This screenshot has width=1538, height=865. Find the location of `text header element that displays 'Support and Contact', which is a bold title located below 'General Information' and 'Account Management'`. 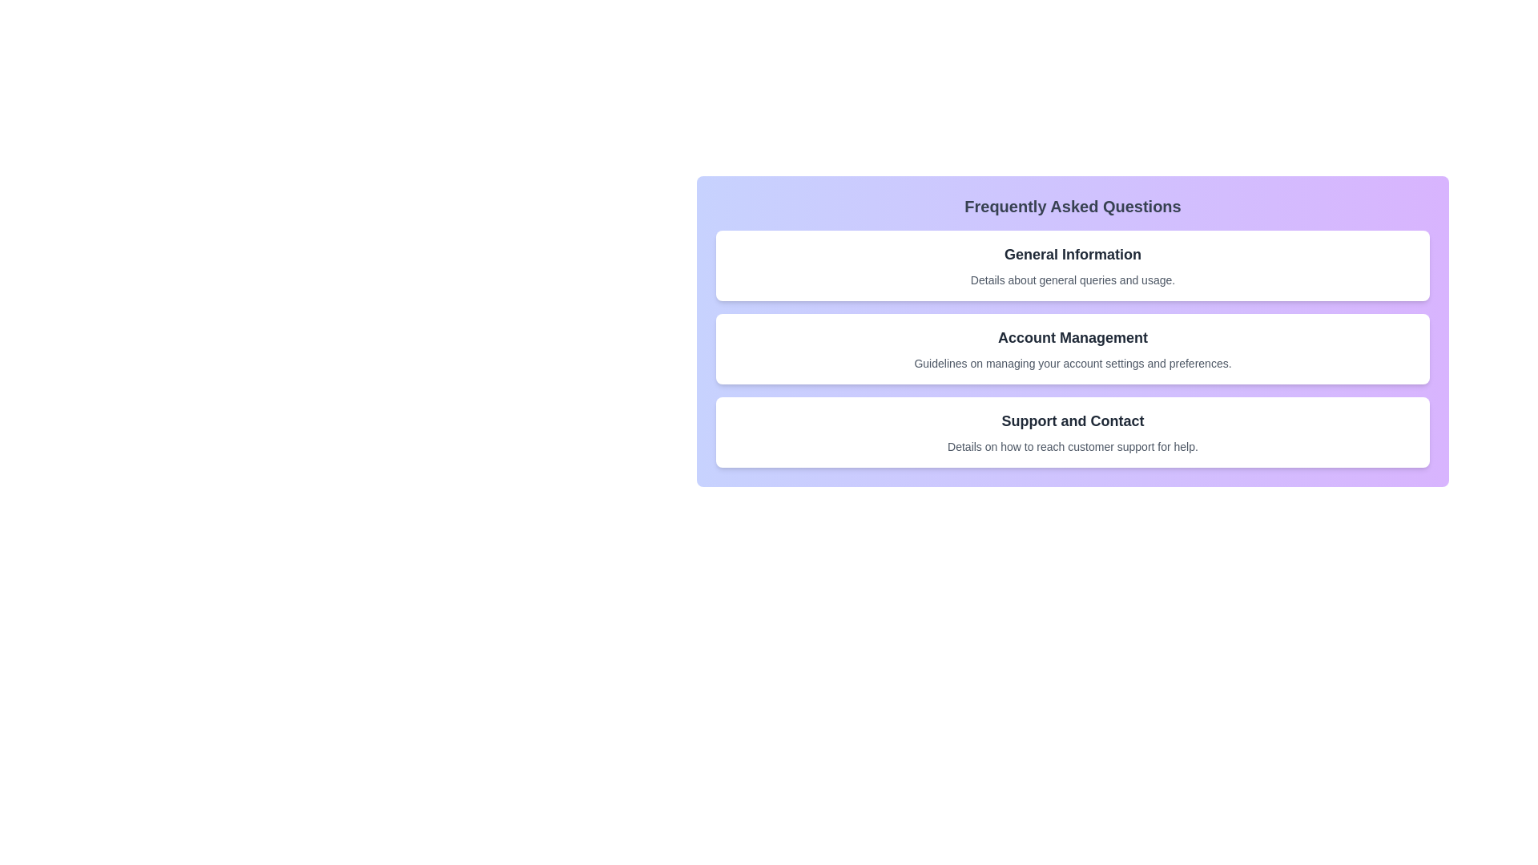

text header element that displays 'Support and Contact', which is a bold title located below 'General Information' and 'Account Management' is located at coordinates (1073, 420).